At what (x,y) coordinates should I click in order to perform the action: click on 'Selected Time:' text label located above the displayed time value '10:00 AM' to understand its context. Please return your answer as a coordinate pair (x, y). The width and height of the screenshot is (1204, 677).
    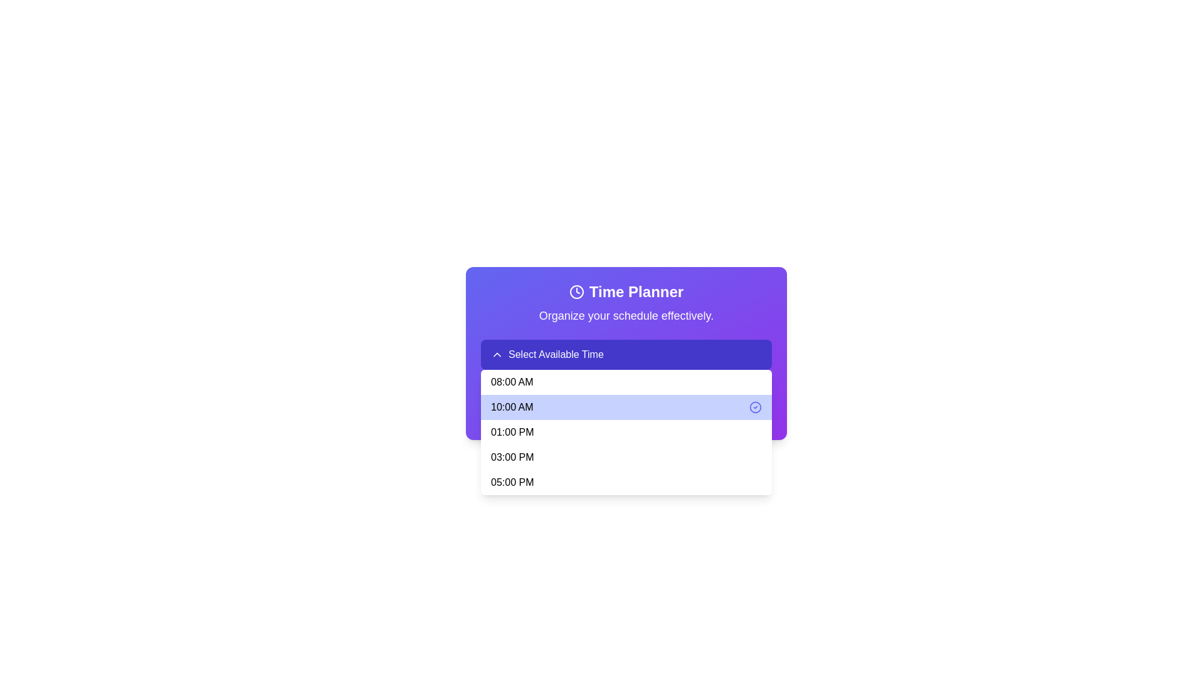
    Looking at the image, I should click on (626, 393).